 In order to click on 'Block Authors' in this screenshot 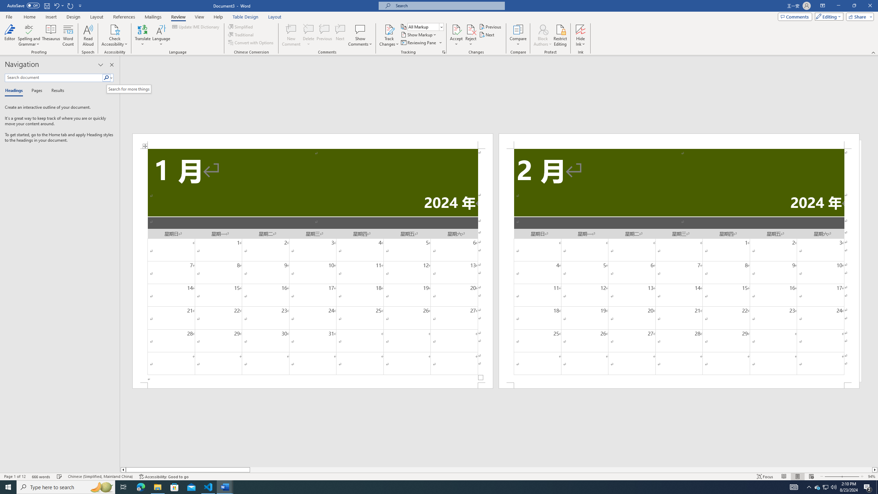, I will do `click(543, 29)`.